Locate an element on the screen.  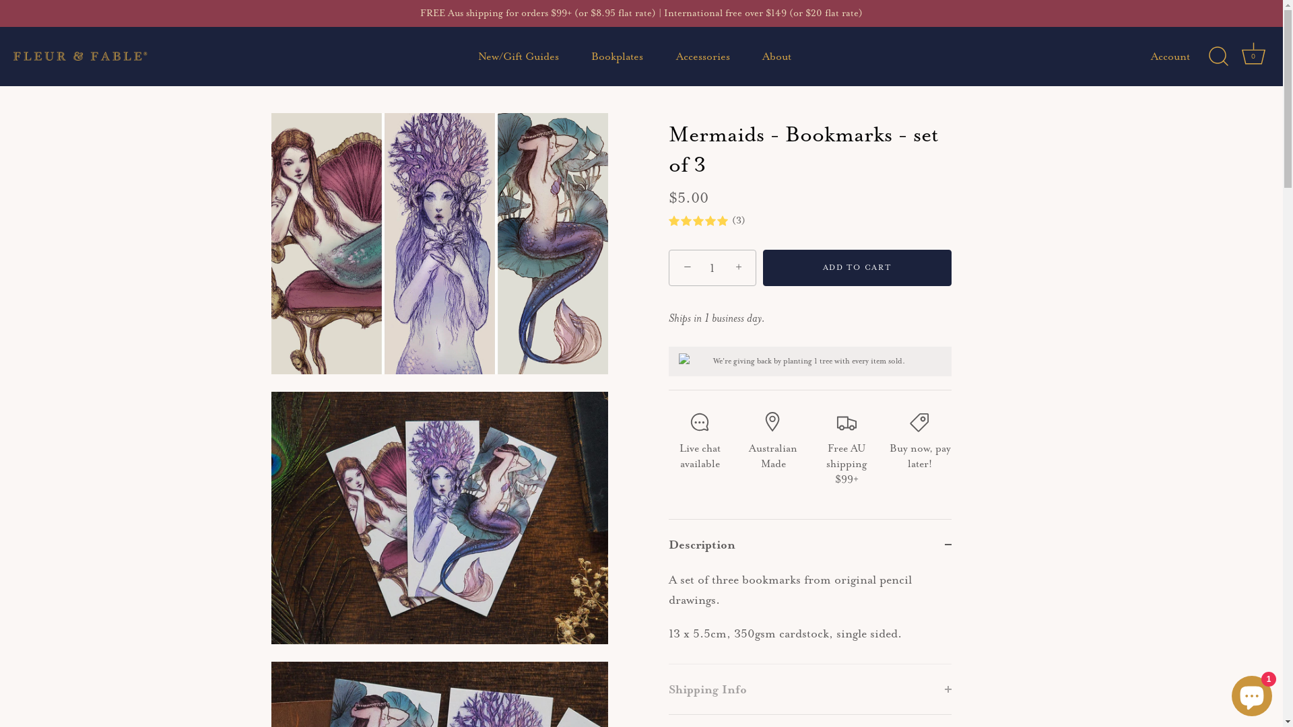
'Shopify online store chat' is located at coordinates (1251, 693).